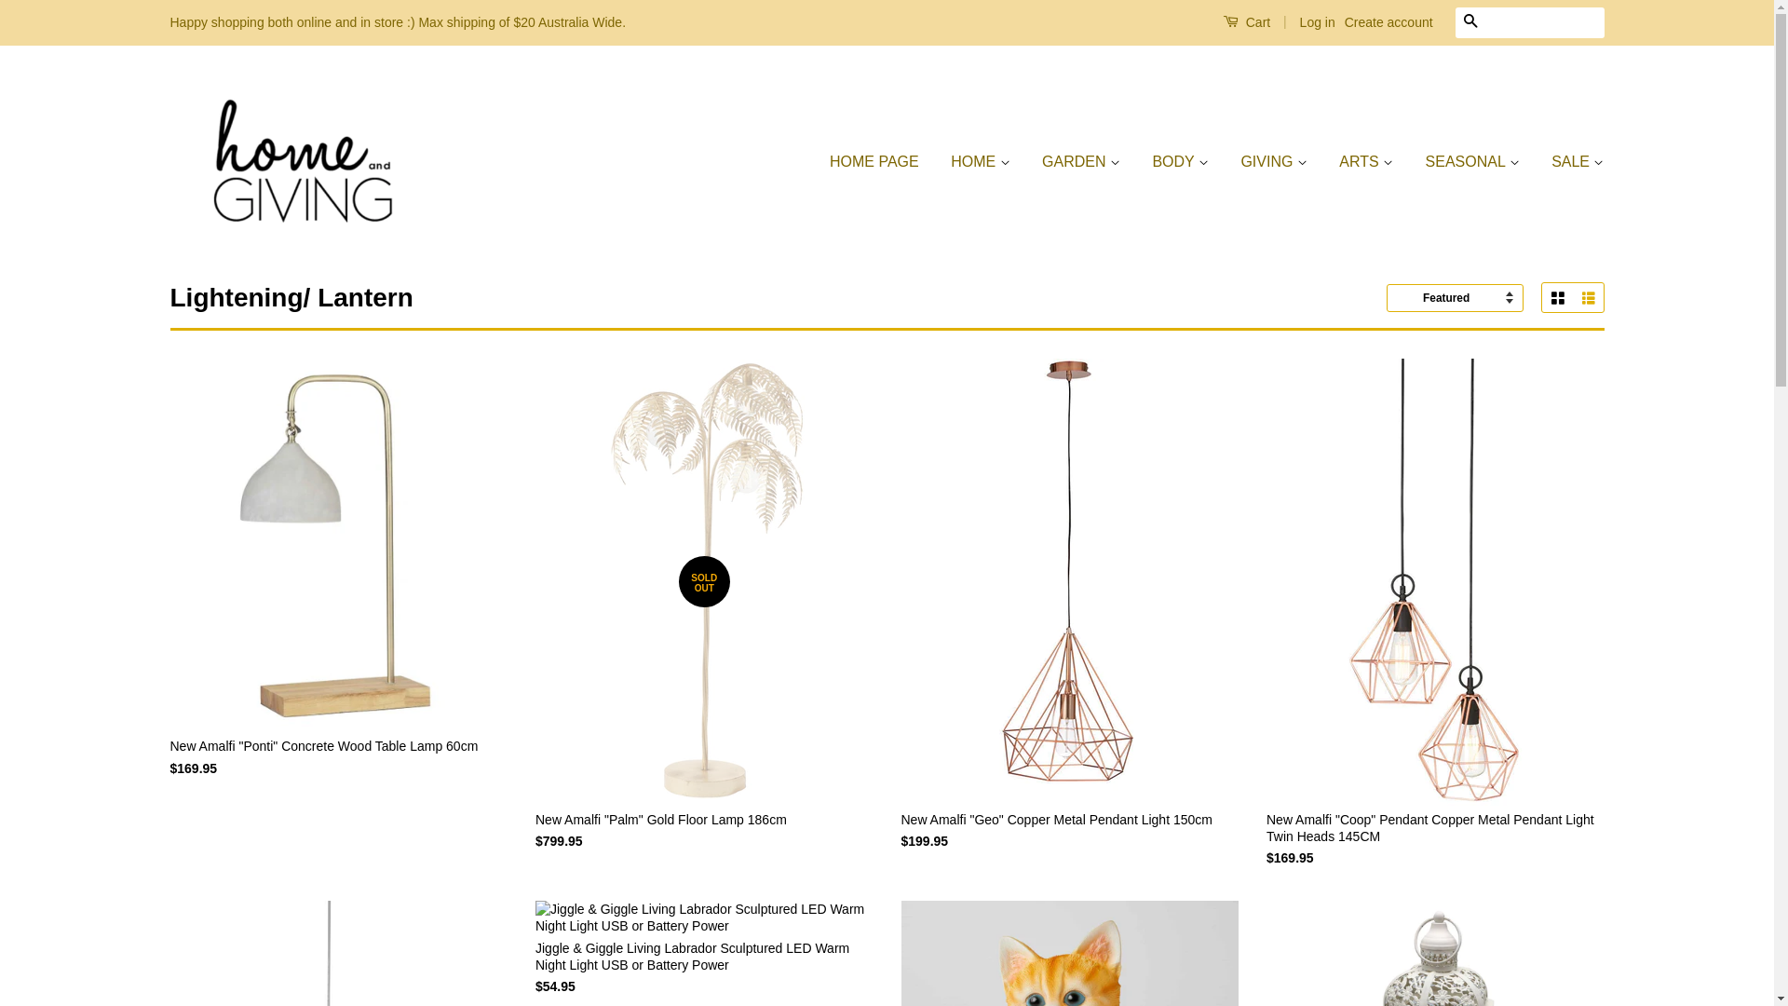  I want to click on 'SEASONAL', so click(1471, 161).